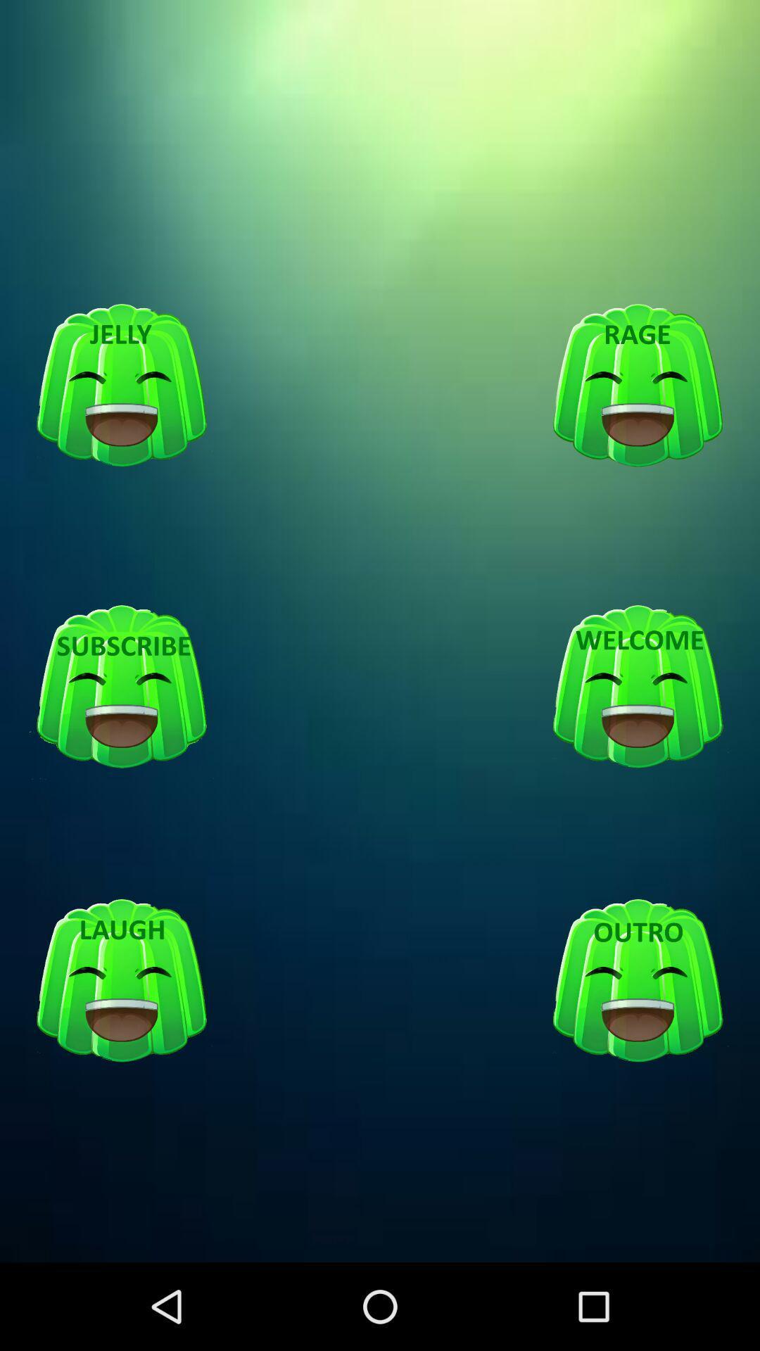  What do you see at coordinates (121, 687) in the screenshot?
I see `suscribe option` at bounding box center [121, 687].